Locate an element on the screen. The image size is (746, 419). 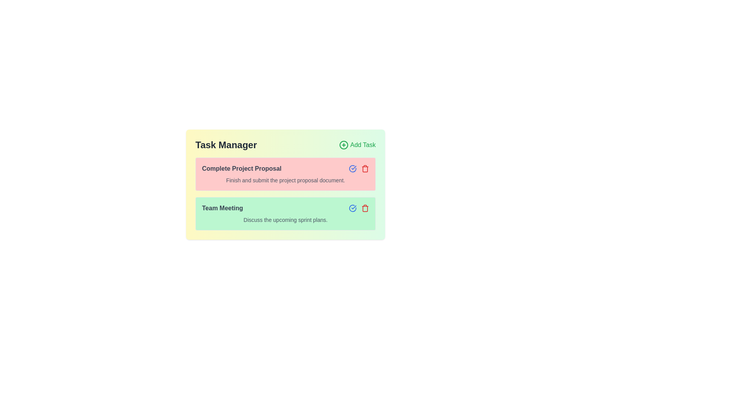
static text label that serves as a header for the card or section, located in the upper-left corner of the rectangular card is located at coordinates (226, 145).